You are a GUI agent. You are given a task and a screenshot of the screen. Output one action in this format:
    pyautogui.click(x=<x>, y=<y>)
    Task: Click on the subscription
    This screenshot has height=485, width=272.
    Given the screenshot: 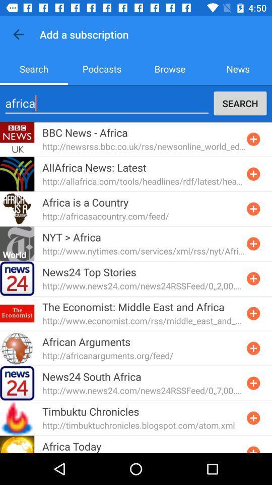 What is the action you would take?
    pyautogui.click(x=253, y=174)
    